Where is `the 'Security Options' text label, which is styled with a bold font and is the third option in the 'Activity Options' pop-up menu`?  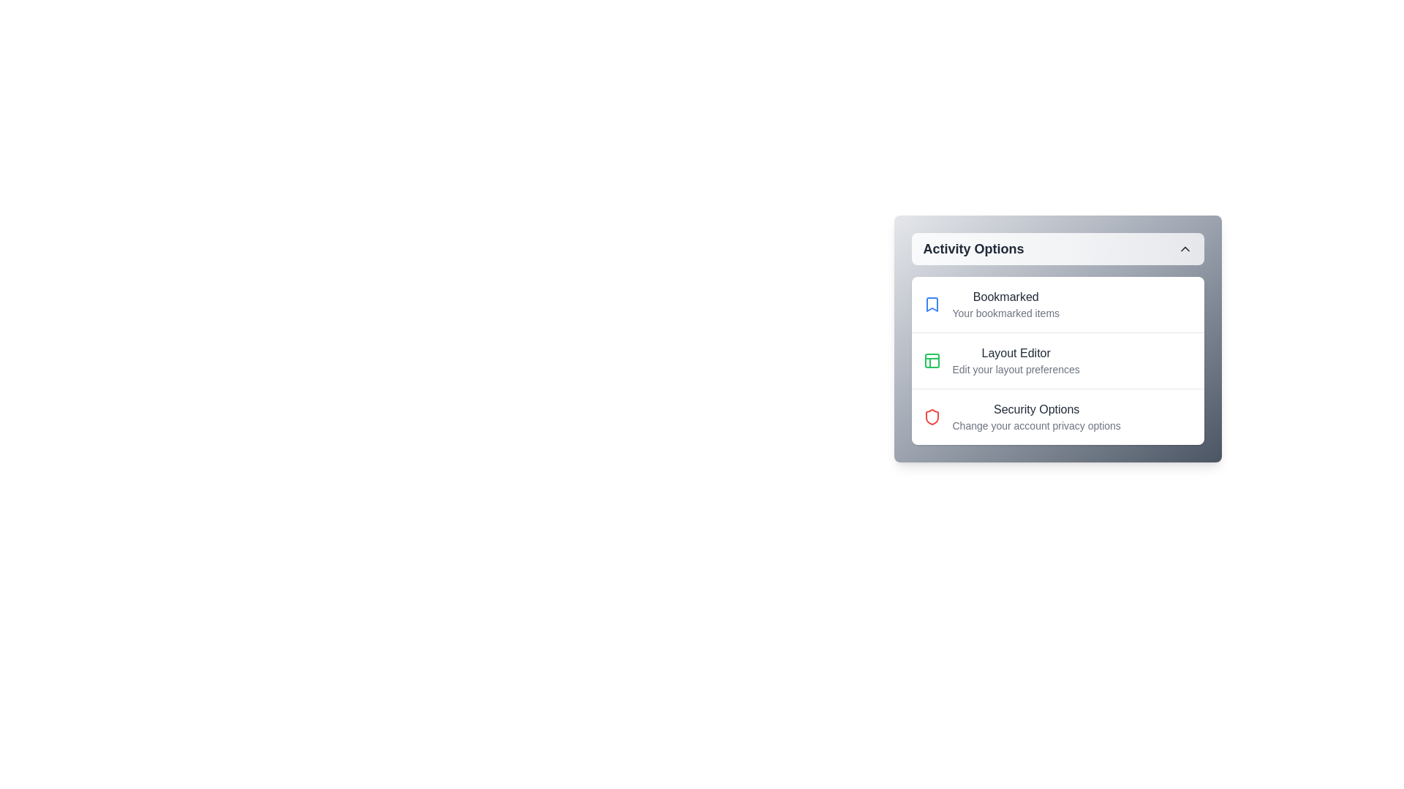 the 'Security Options' text label, which is styled with a bold font and is the third option in the 'Activity Options' pop-up menu is located at coordinates (1035, 409).